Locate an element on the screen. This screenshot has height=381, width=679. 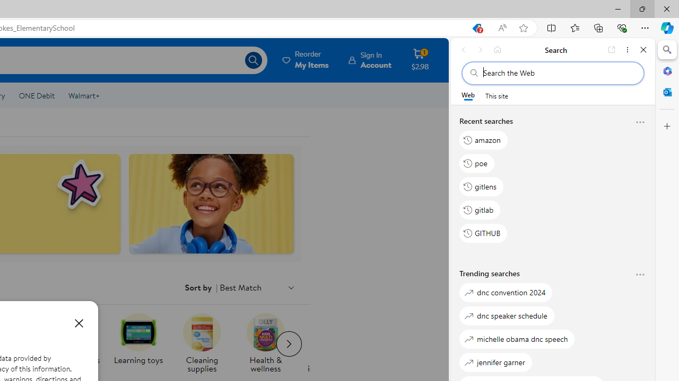
'GITHUB' is located at coordinates (483, 233).